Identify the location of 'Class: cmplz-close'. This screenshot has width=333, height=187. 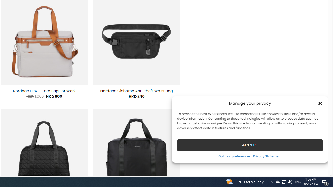
(320, 103).